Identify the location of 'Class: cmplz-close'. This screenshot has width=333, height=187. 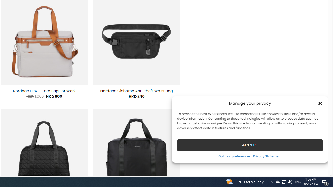
(320, 103).